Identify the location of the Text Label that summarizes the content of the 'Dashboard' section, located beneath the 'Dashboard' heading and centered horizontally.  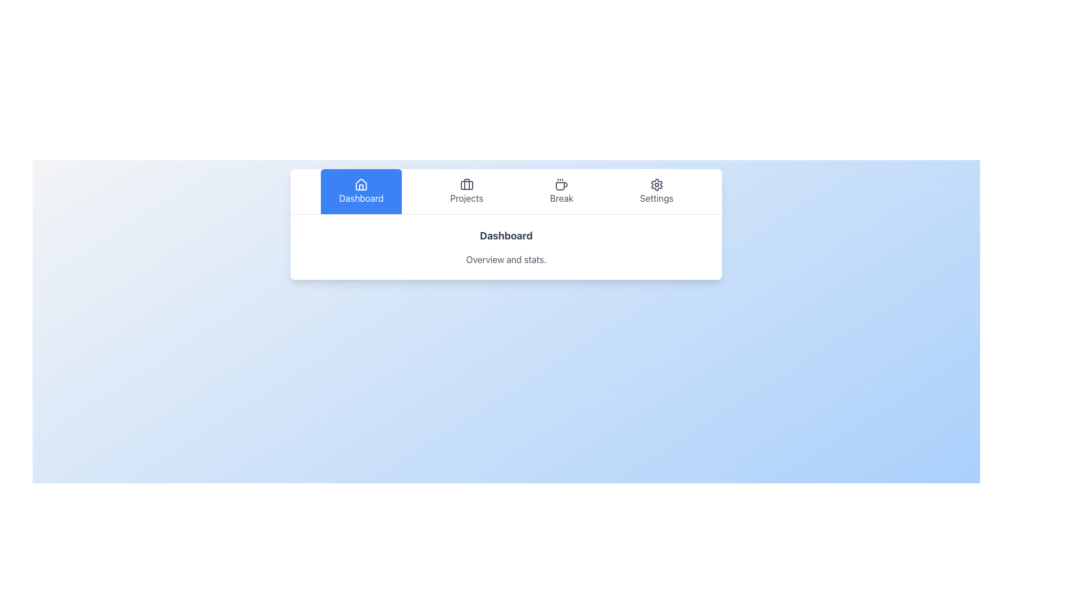
(506, 260).